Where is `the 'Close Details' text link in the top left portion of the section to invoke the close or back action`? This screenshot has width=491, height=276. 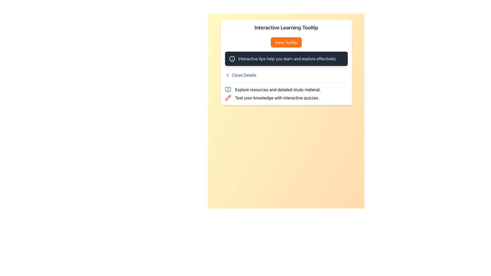
the 'Close Details' text link in the top left portion of the section to invoke the close or back action is located at coordinates (240, 75).